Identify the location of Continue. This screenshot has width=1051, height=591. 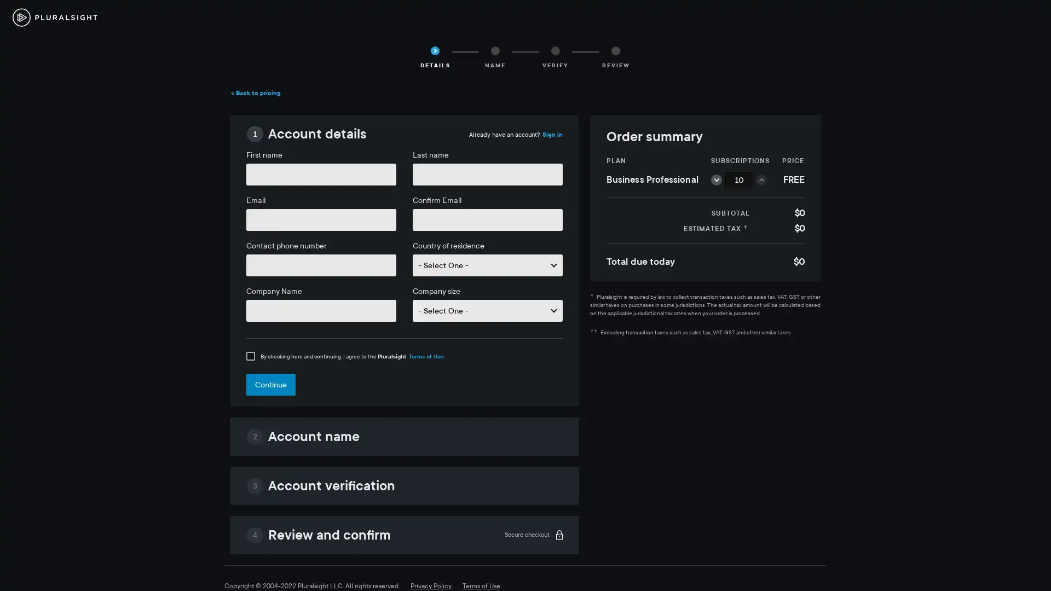
(270, 384).